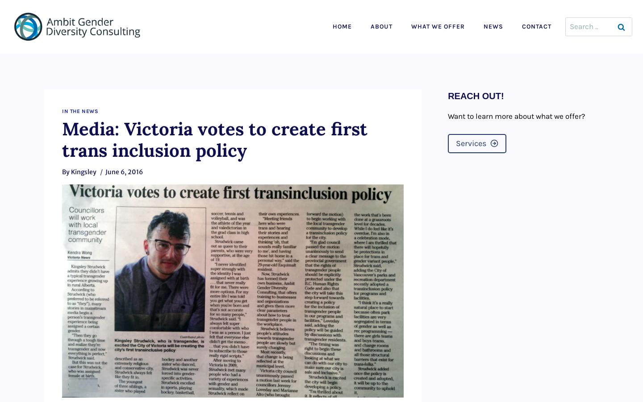 The width and height of the screenshot is (643, 402). What do you see at coordinates (70, 172) in the screenshot?
I see `'Kingsley'` at bounding box center [70, 172].